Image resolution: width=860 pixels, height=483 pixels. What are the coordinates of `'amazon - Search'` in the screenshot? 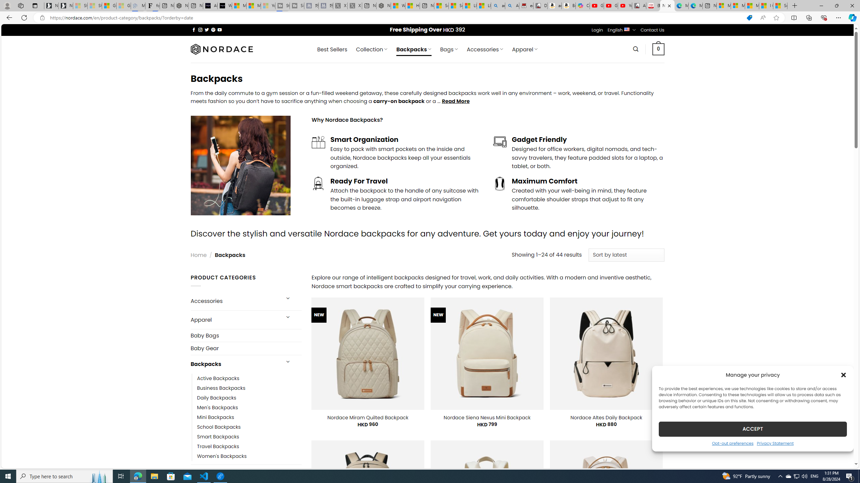 It's located at (498, 5).